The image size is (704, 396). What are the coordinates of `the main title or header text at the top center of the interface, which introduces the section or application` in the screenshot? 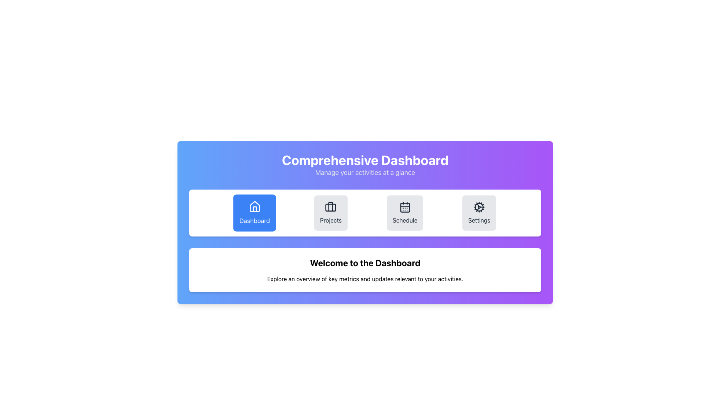 It's located at (365, 159).